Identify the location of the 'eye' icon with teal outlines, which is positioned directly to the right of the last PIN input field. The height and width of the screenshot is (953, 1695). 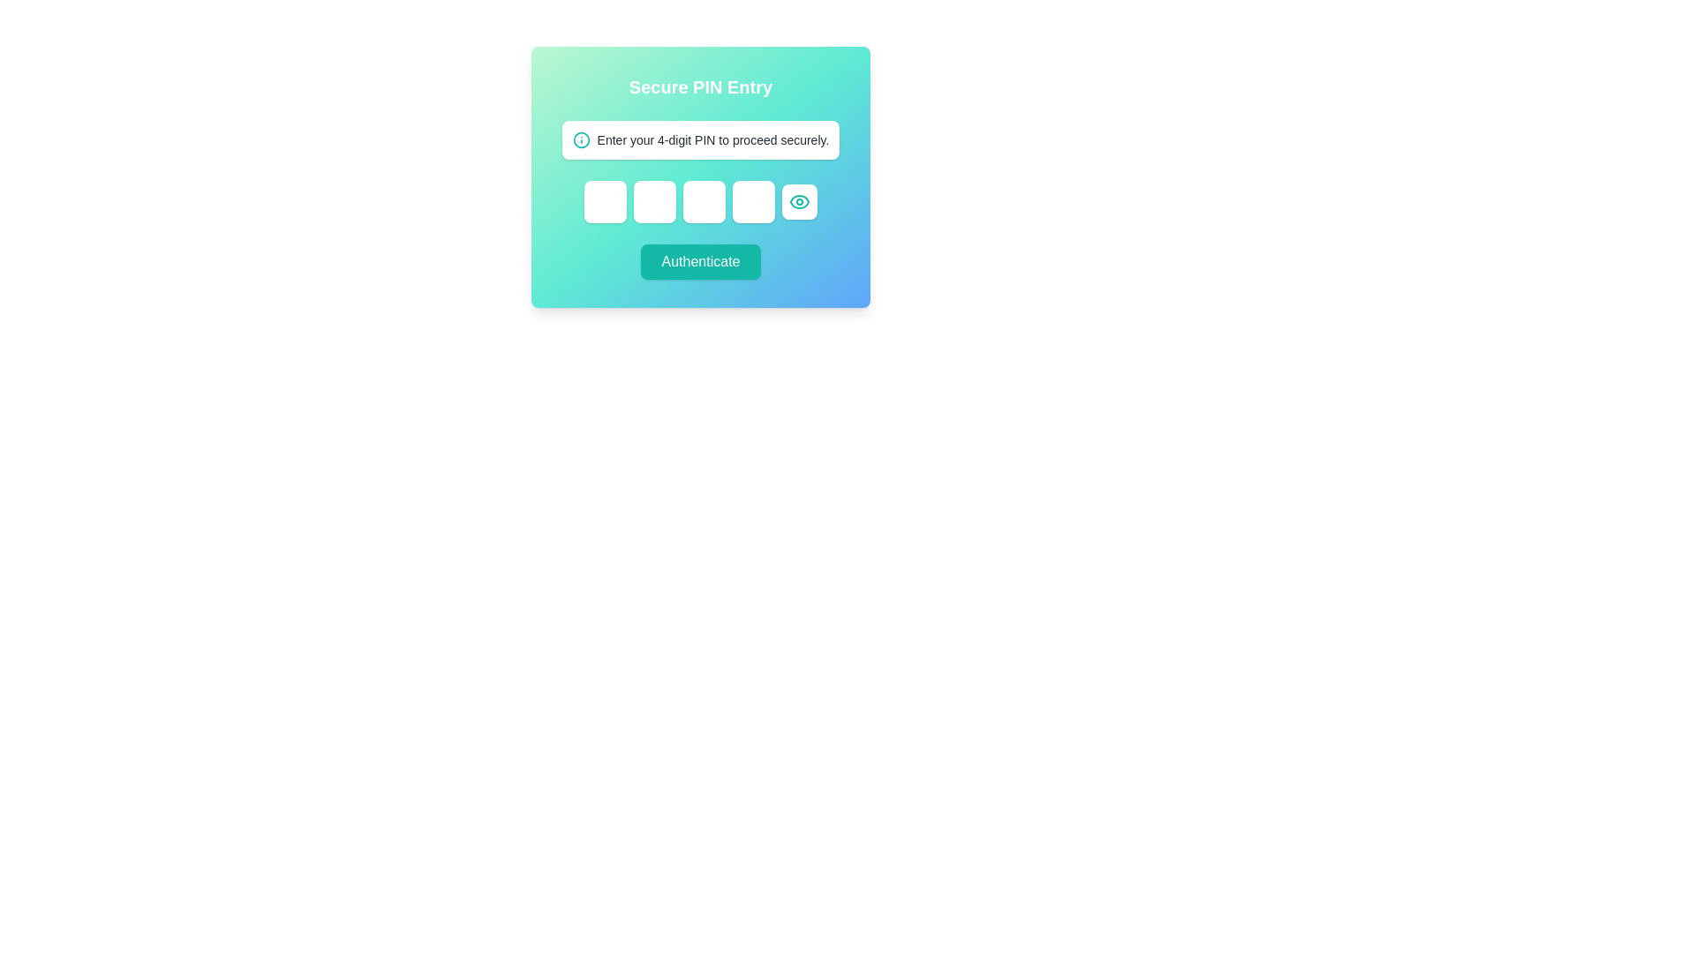
(799, 200).